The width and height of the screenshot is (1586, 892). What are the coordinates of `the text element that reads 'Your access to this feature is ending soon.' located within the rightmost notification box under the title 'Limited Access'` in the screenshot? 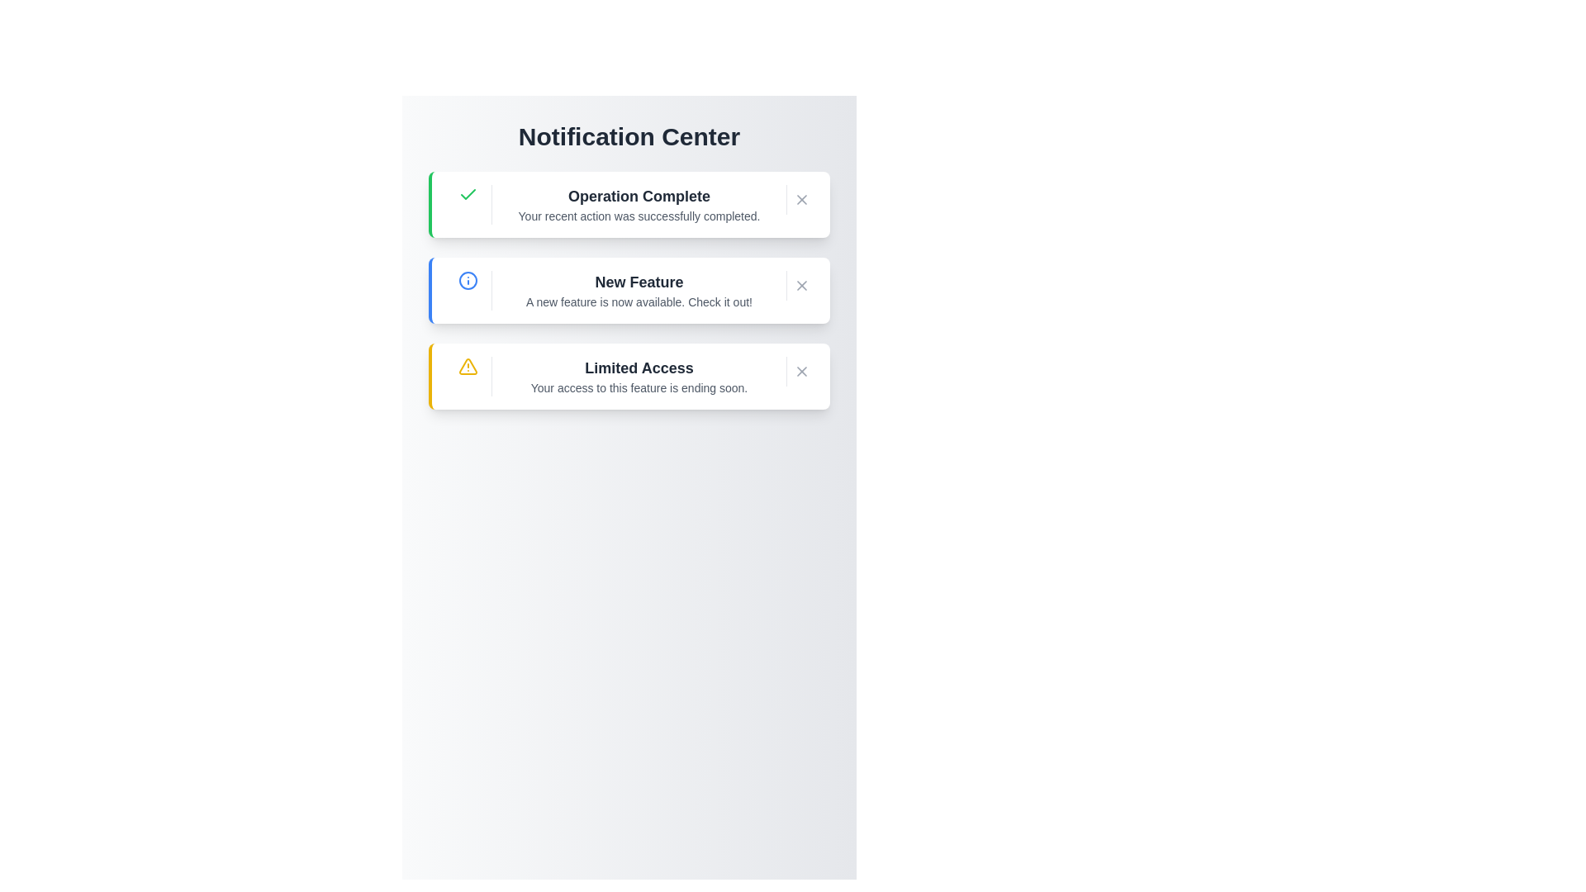 It's located at (638, 388).